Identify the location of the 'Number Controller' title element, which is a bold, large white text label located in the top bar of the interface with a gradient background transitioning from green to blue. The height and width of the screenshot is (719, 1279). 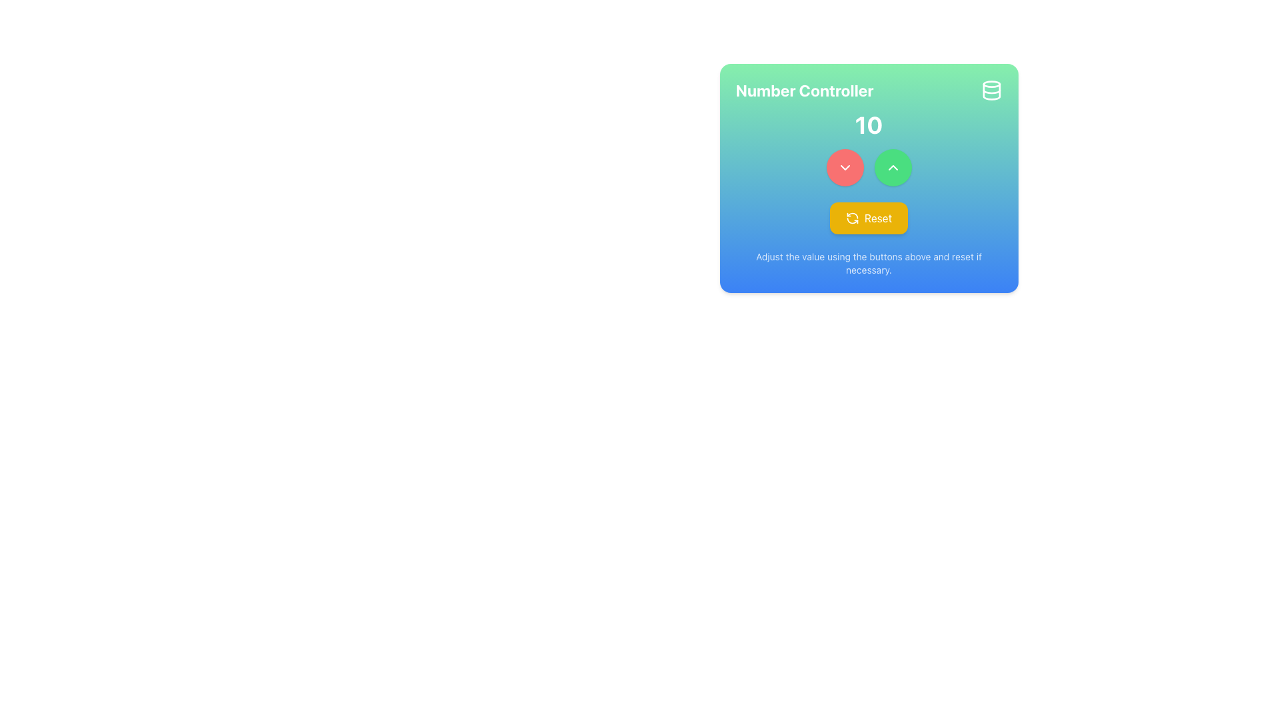
(804, 90).